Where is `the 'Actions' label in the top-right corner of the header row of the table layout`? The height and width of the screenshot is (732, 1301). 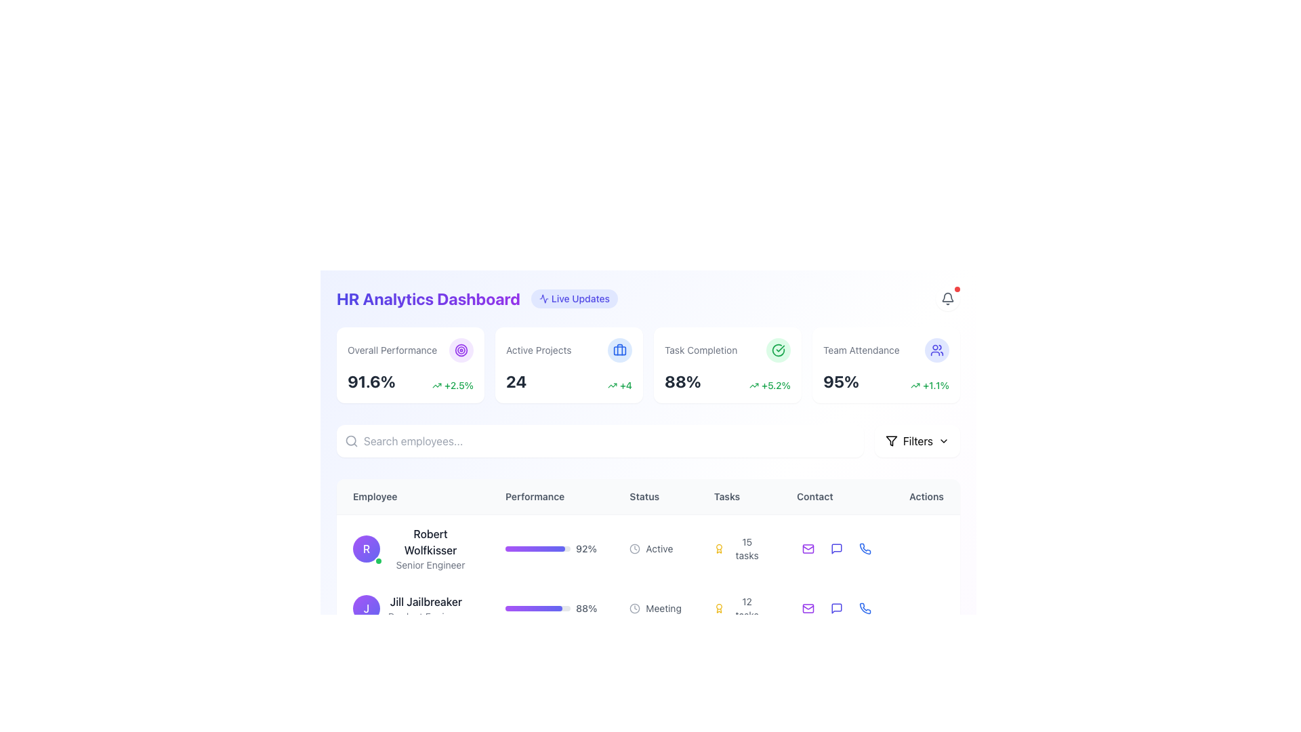 the 'Actions' label in the top-right corner of the header row of the table layout is located at coordinates (926, 497).